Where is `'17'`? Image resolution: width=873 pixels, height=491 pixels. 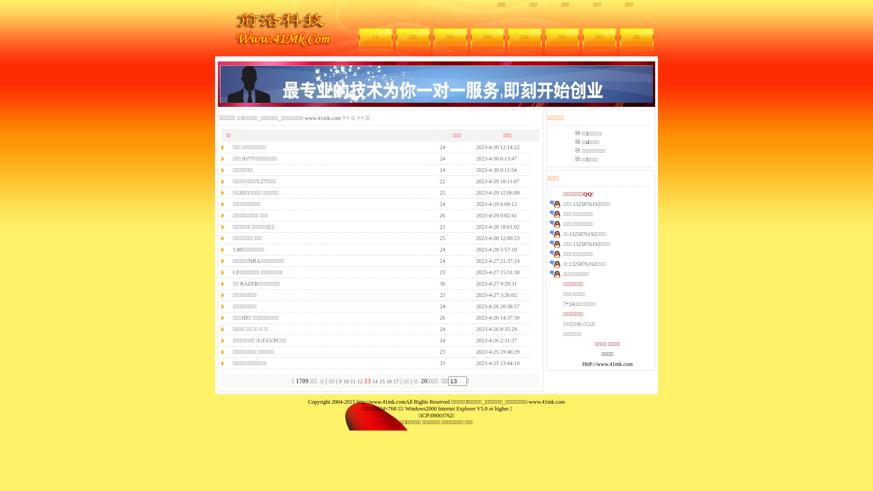
'17' is located at coordinates (396, 381).